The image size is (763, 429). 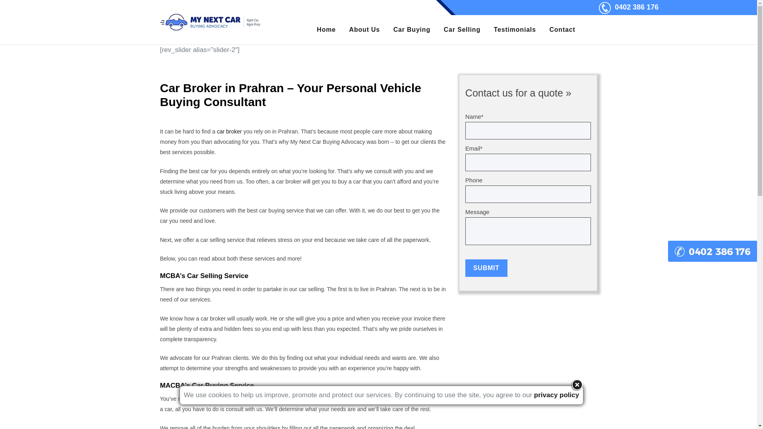 I want to click on 'Close', so click(x=577, y=384).